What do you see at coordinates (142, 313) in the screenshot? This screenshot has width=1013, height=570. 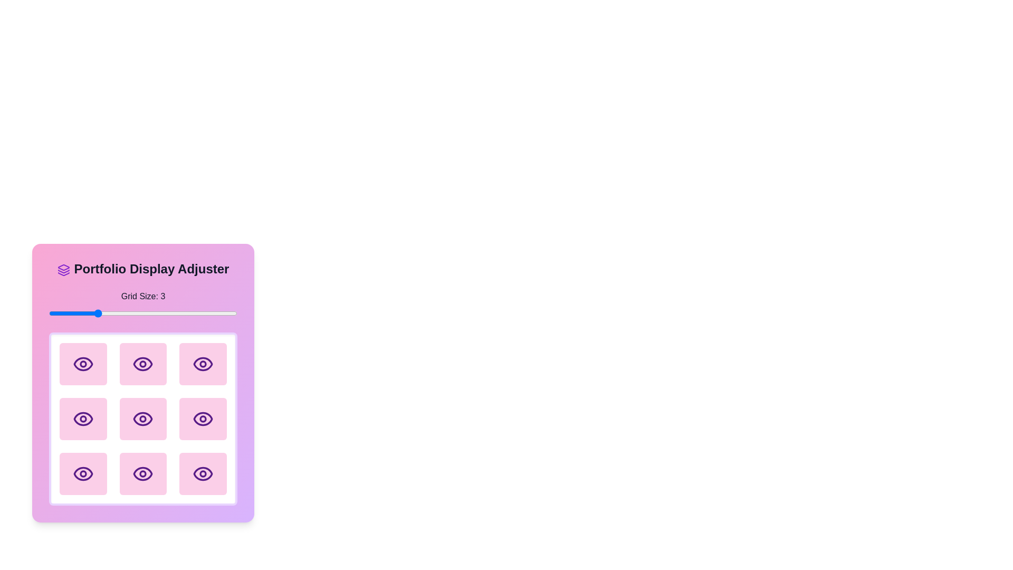 I see `the grid size to 4 using the slider` at bounding box center [142, 313].